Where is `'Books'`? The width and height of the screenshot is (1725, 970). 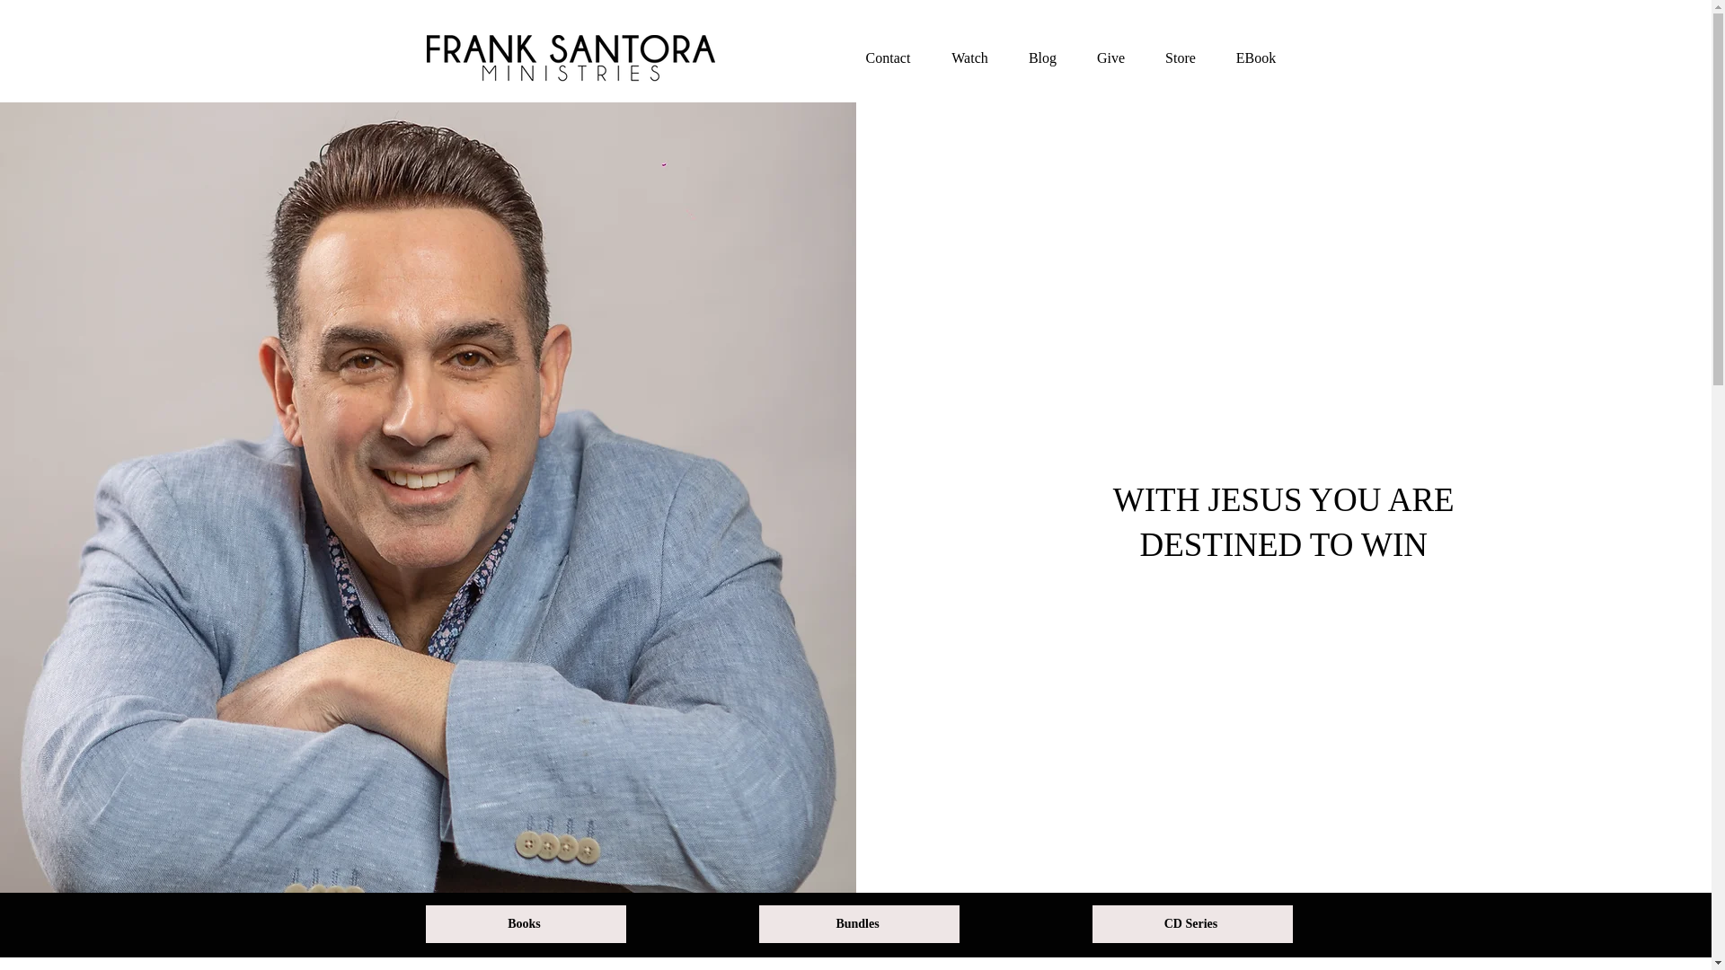 'Books' is located at coordinates (525, 924).